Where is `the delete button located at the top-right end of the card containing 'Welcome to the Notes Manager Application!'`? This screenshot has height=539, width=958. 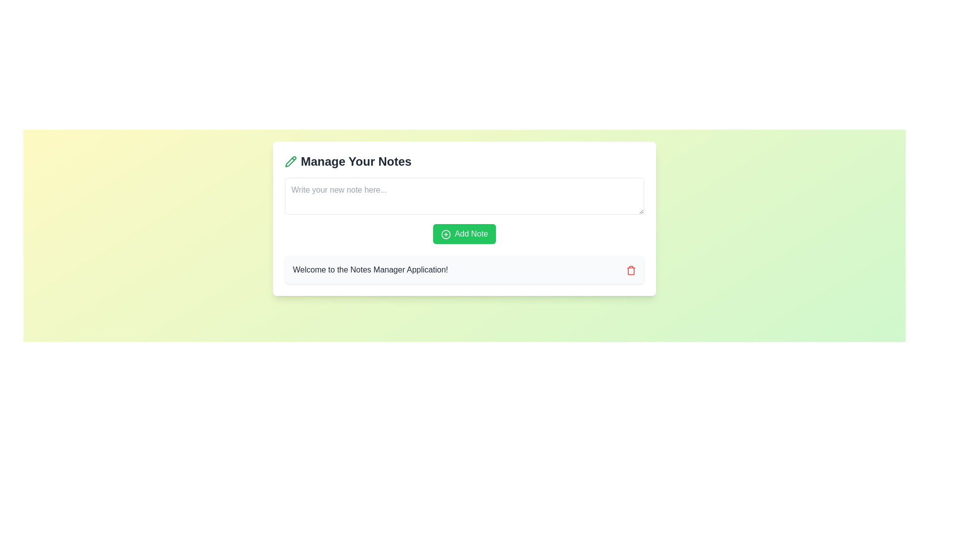
the delete button located at the top-right end of the card containing 'Welcome to the Notes Manager Application!' is located at coordinates (631, 269).